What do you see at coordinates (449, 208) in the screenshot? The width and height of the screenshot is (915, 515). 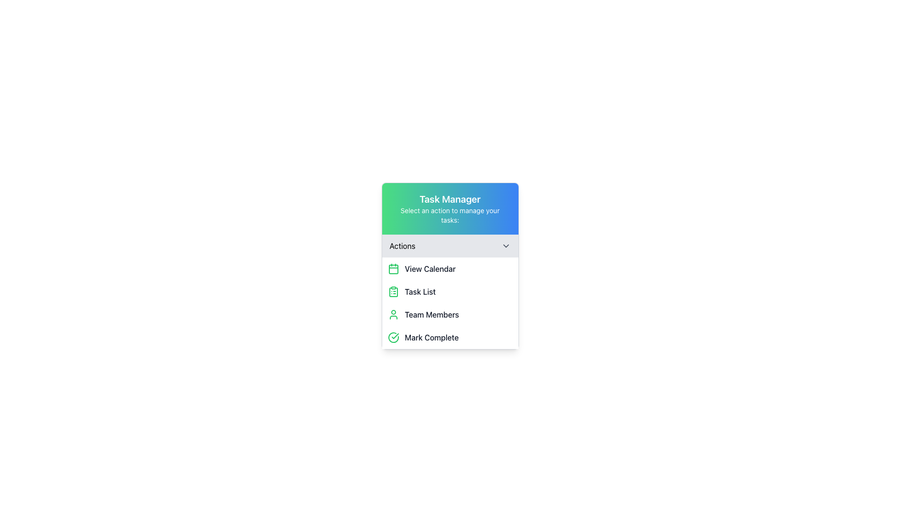 I see `the header element displaying the title 'Task Manager' with a gradient background transitioning from green to blue` at bounding box center [449, 208].